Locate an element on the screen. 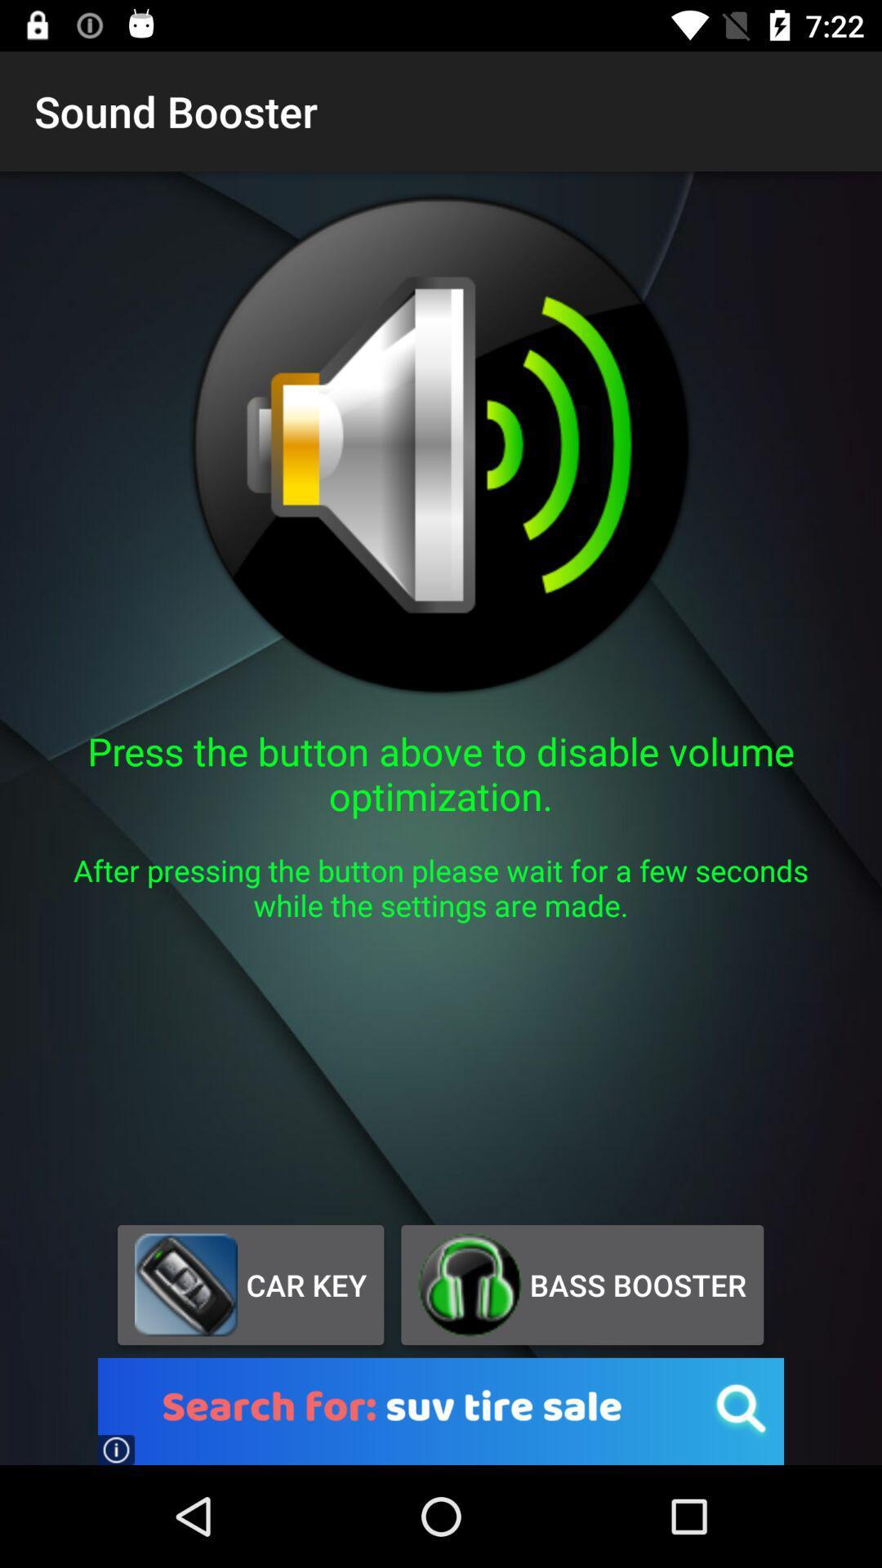 The image size is (882, 1568). car key icon is located at coordinates (251, 1284).